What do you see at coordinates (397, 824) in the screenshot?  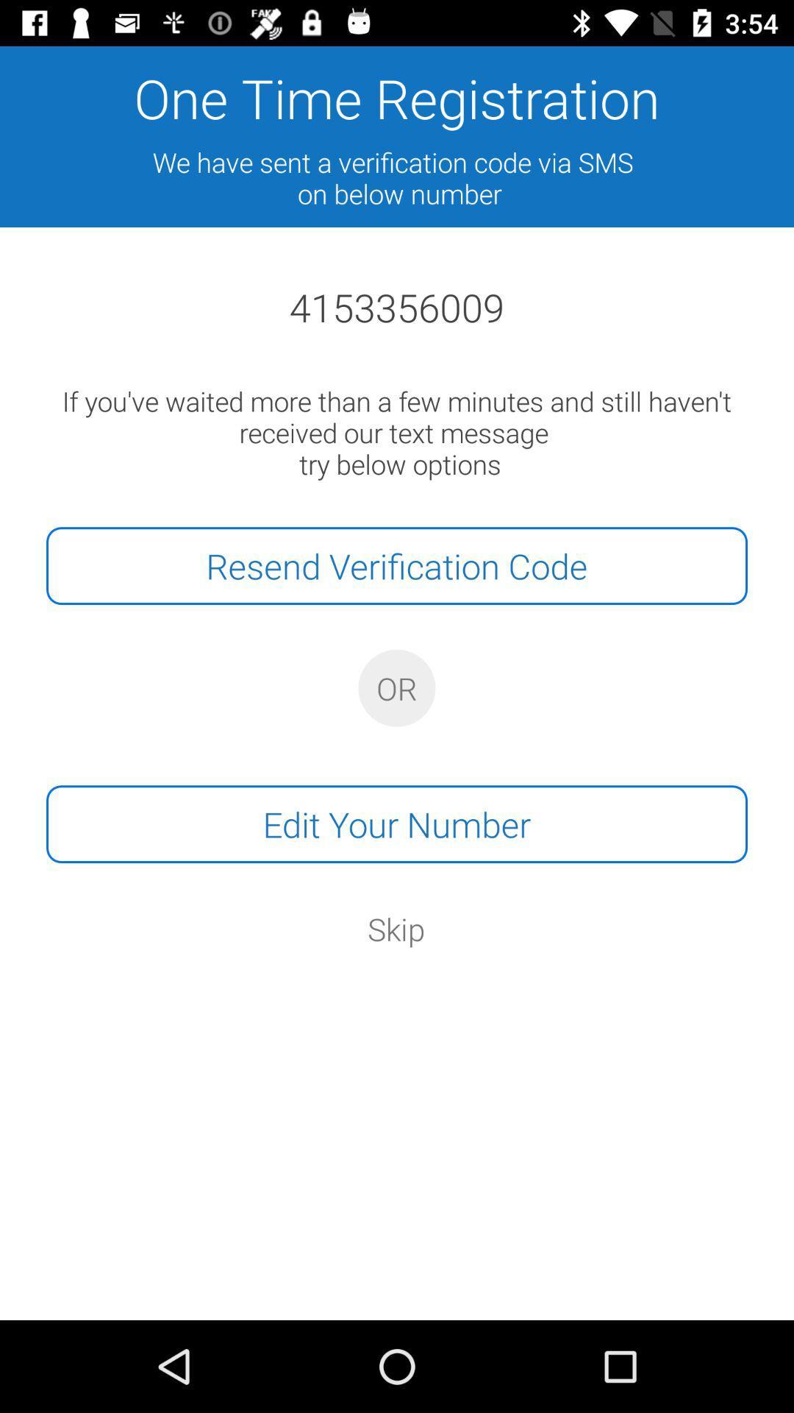 I see `the item below the or item` at bounding box center [397, 824].